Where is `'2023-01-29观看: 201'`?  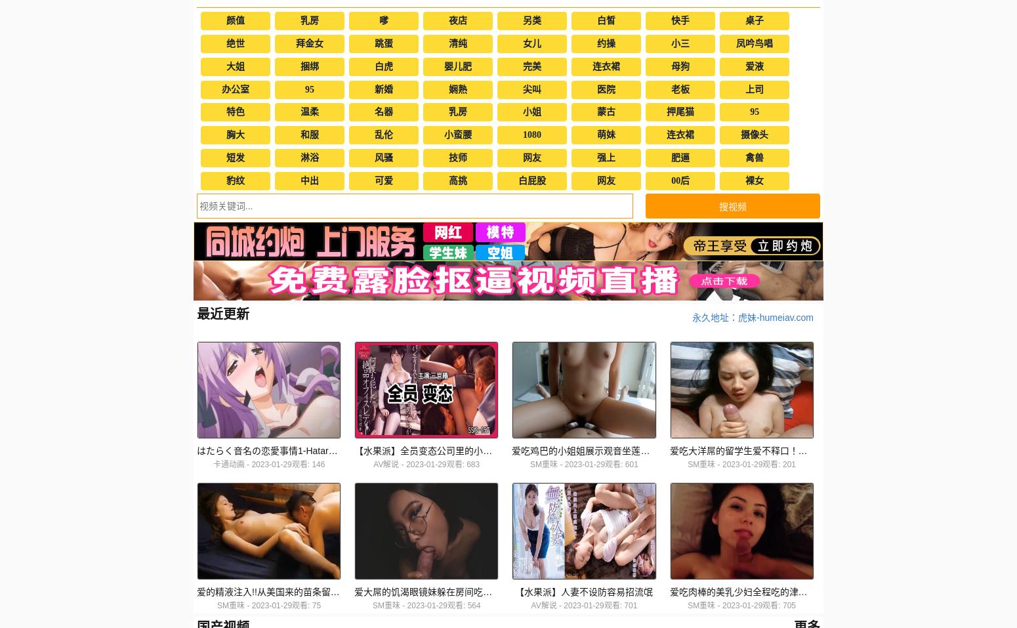
'2023-01-29观看: 201' is located at coordinates (758, 464).